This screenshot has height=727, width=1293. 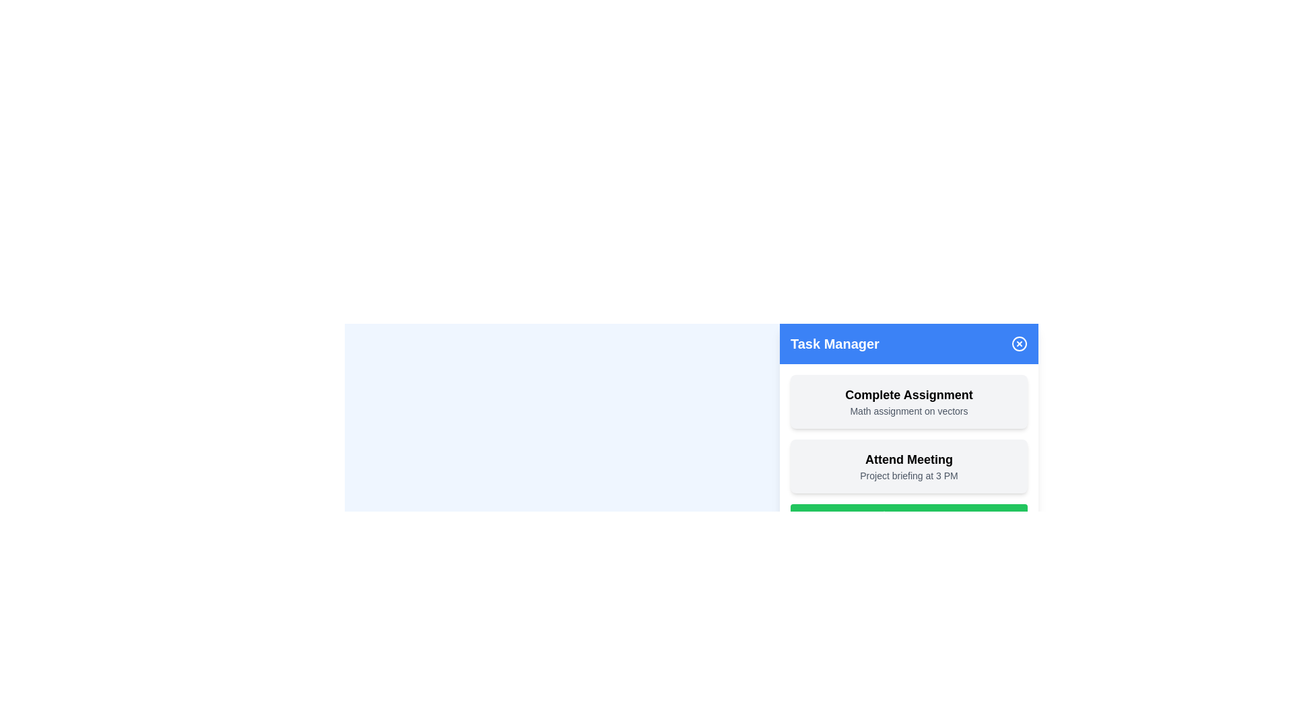 What do you see at coordinates (908, 516) in the screenshot?
I see `the 'Add Task' button located at the bottom of the task list in the 'Task Manager' section` at bounding box center [908, 516].